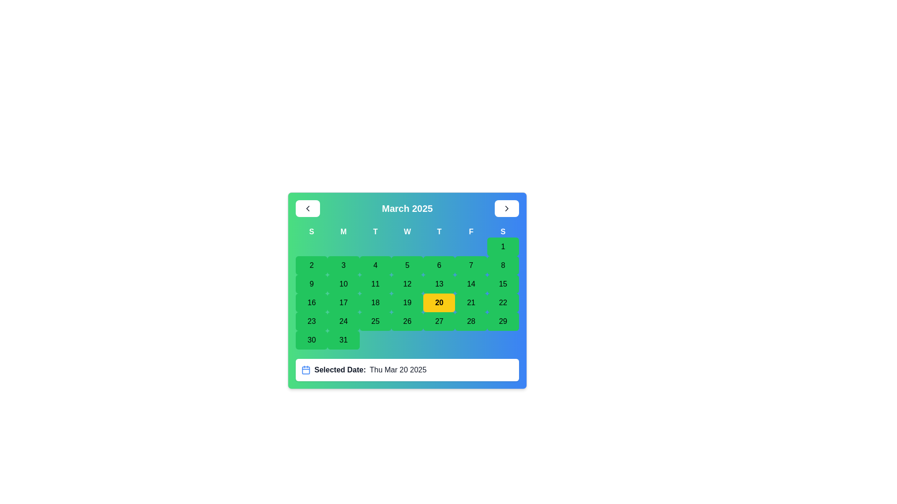 This screenshot has width=897, height=504. What do you see at coordinates (439, 321) in the screenshot?
I see `the green button labeled '27' located in the fourth row and sixth column under the header 'March 2025' to potentially reveal additional information` at bounding box center [439, 321].